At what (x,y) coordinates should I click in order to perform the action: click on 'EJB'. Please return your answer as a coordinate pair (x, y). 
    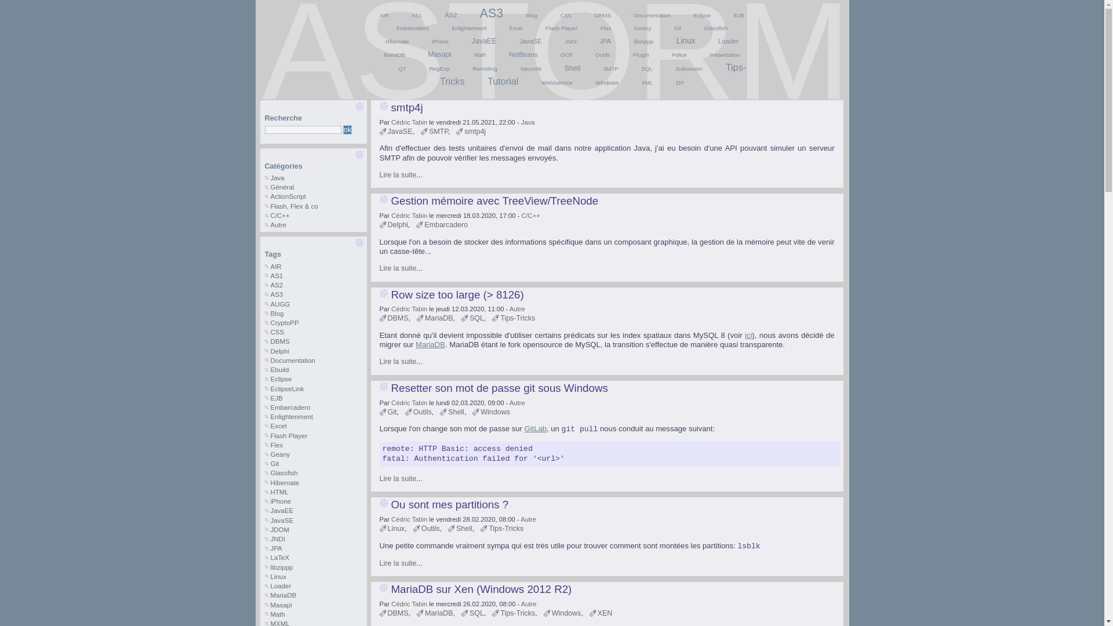
    Looking at the image, I should click on (275, 397).